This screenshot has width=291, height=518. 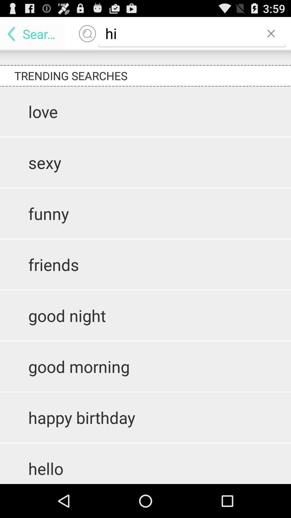 What do you see at coordinates (240, 109) in the screenshot?
I see `the 1st text` at bounding box center [240, 109].